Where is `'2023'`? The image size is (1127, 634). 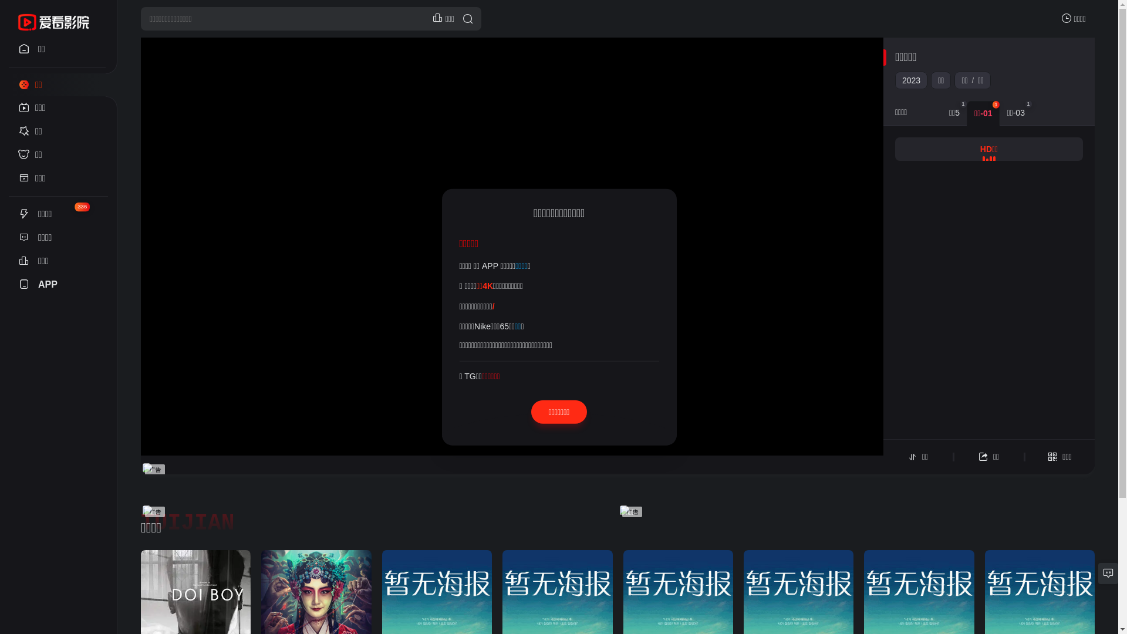 '2023' is located at coordinates (901, 80).